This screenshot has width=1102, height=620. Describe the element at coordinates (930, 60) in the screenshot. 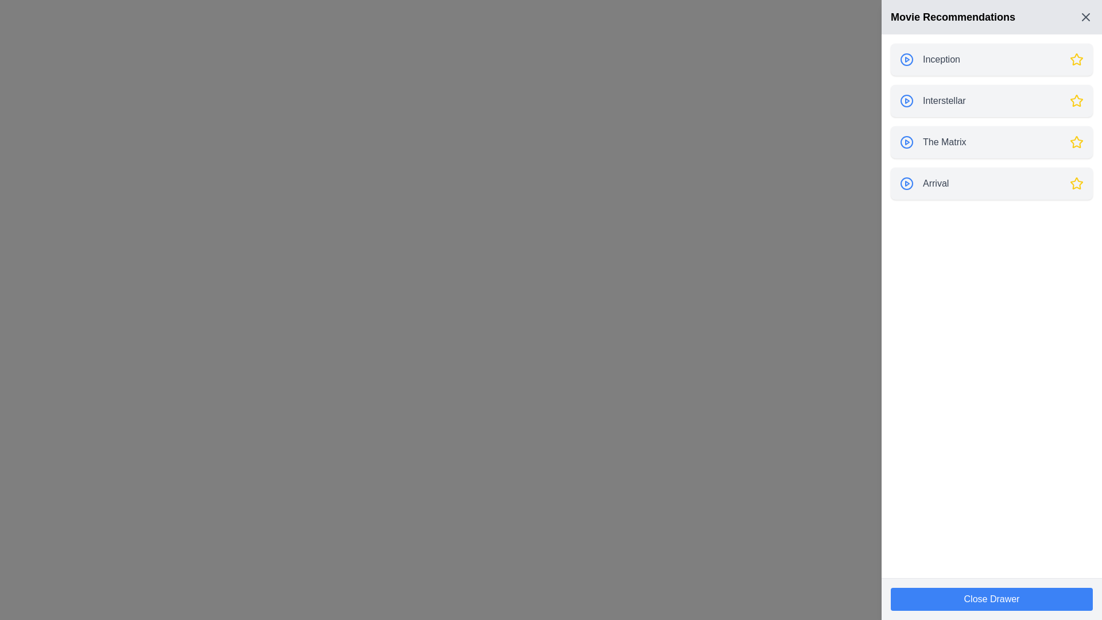

I see `the selectable list item representing the movie 'Inception'` at that location.